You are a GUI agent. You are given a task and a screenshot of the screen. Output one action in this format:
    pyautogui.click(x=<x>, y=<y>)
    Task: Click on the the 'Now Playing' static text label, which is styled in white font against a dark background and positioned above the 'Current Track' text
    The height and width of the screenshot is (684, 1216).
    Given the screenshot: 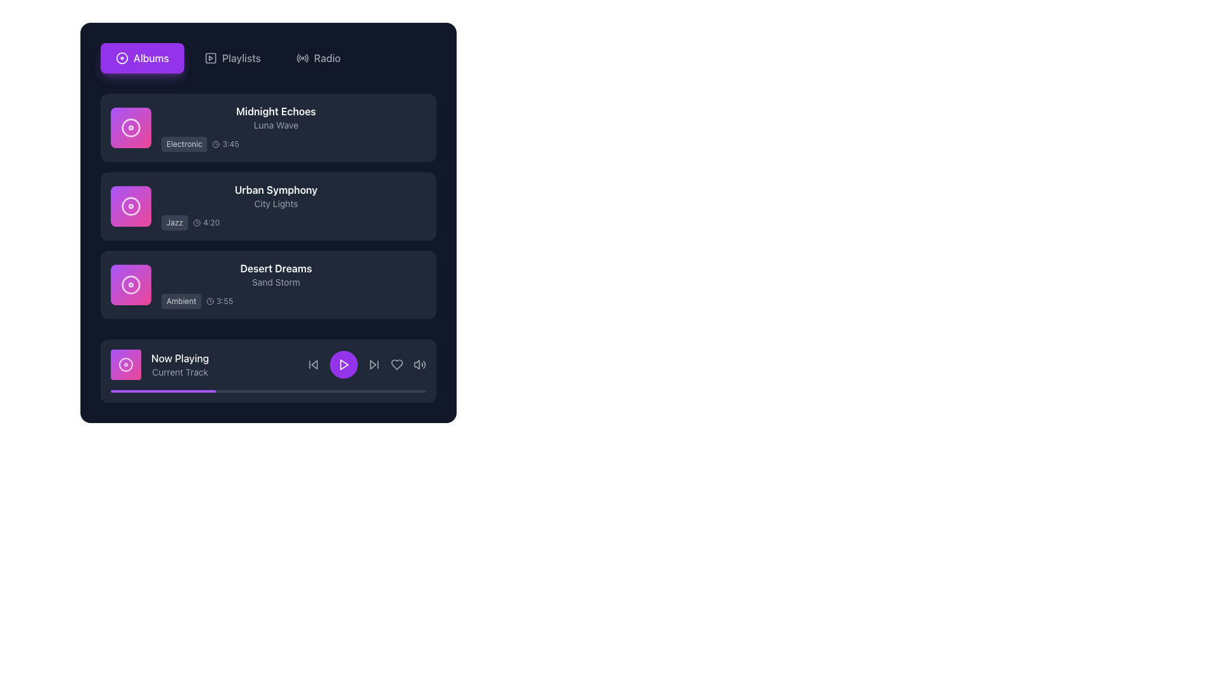 What is the action you would take?
    pyautogui.click(x=179, y=358)
    